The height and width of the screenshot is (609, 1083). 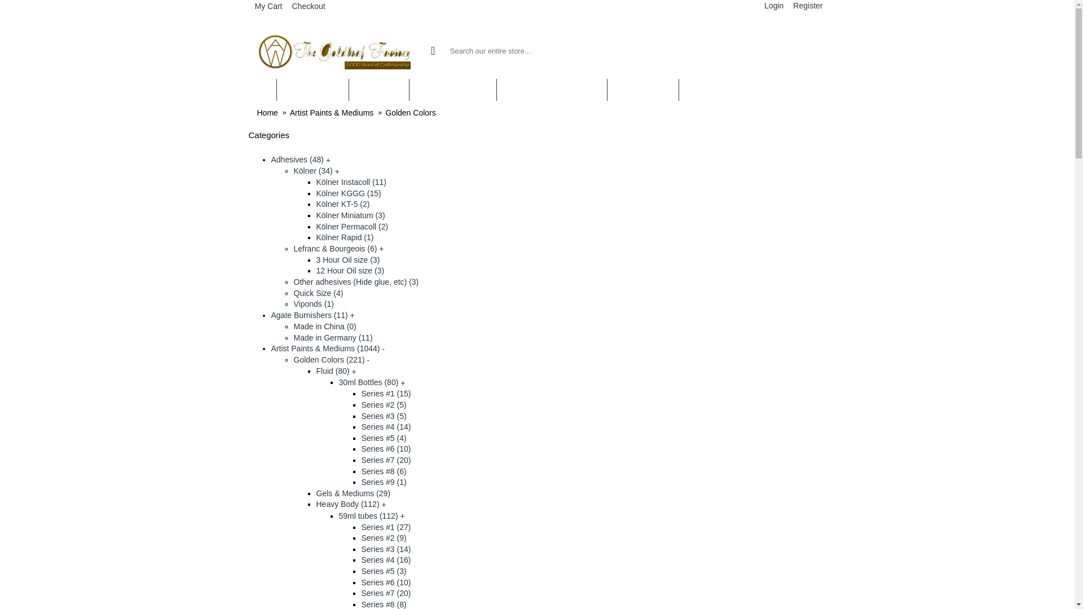 I want to click on 'Series #2 (5)', so click(x=384, y=404).